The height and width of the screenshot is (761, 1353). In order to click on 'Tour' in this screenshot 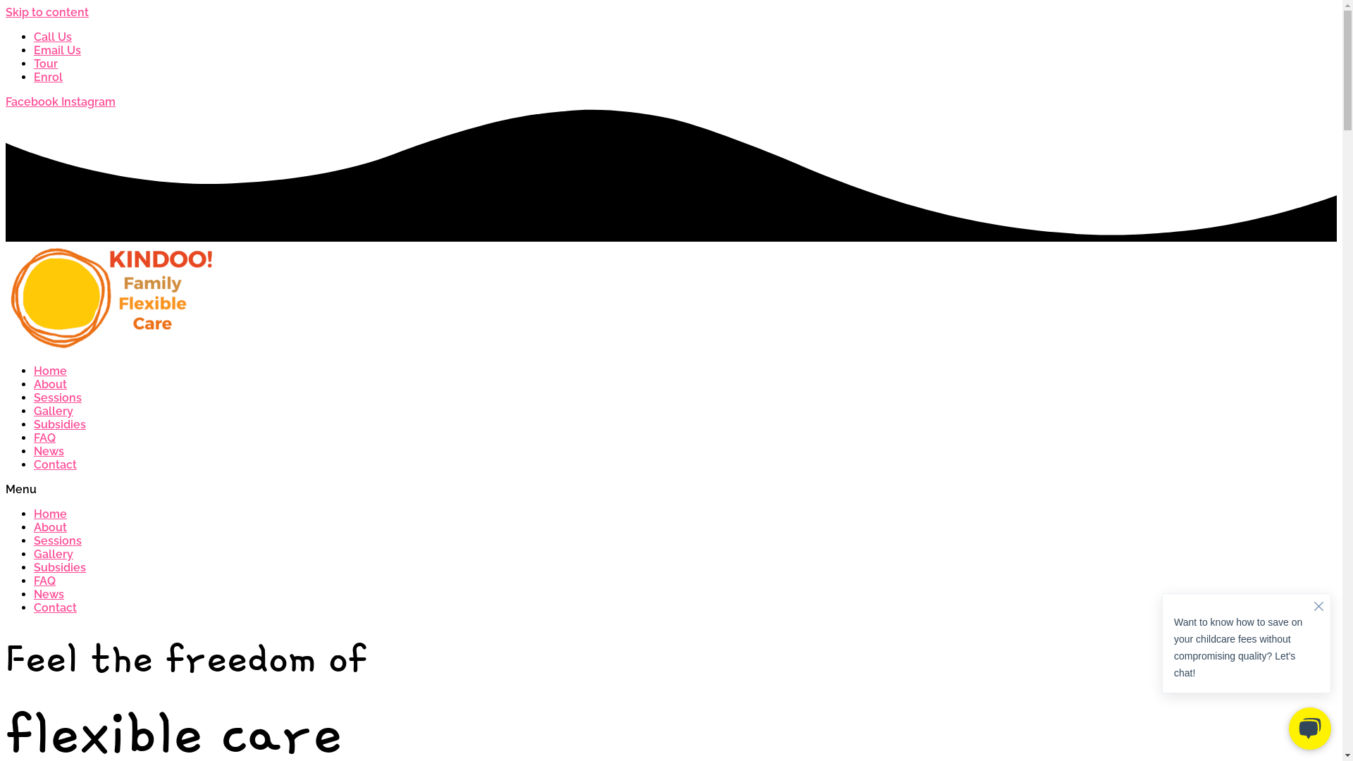, I will do `click(46, 63)`.